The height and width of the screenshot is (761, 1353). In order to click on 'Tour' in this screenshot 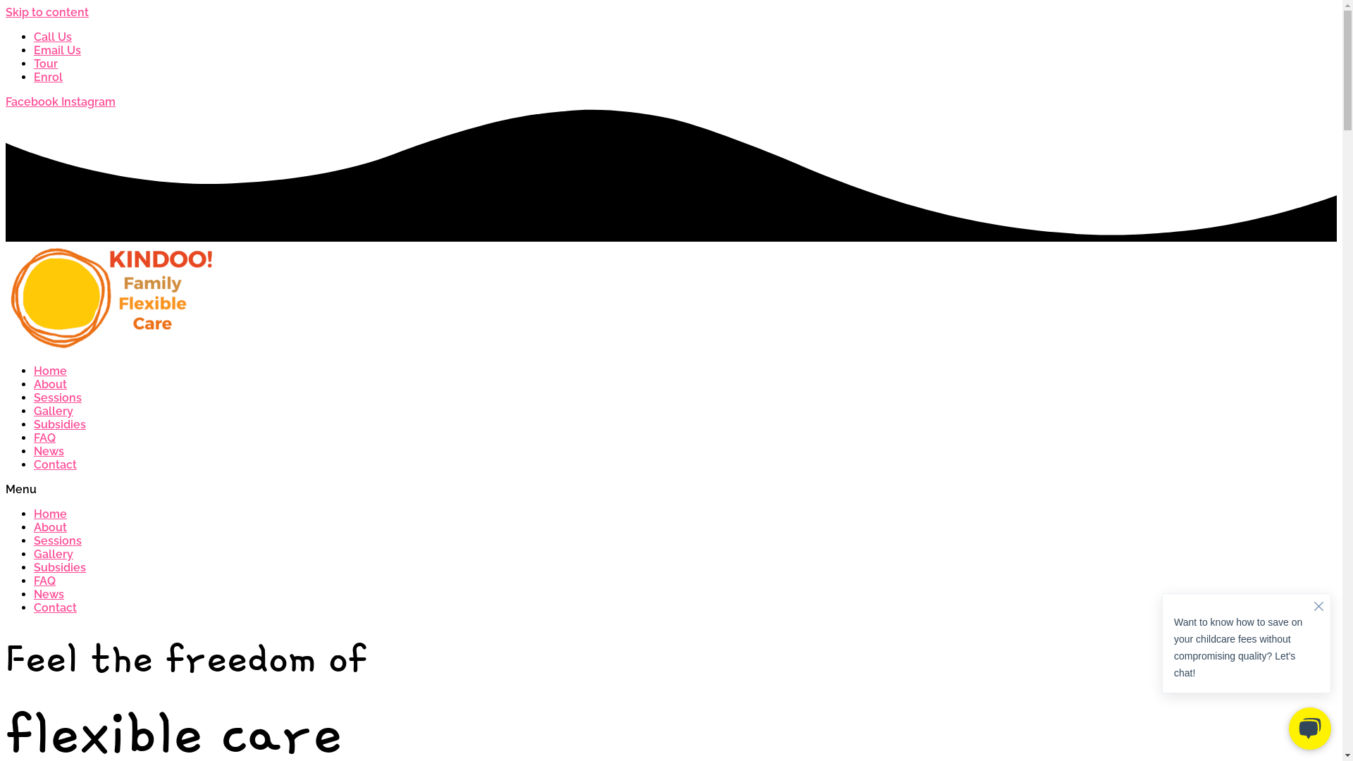, I will do `click(46, 63)`.